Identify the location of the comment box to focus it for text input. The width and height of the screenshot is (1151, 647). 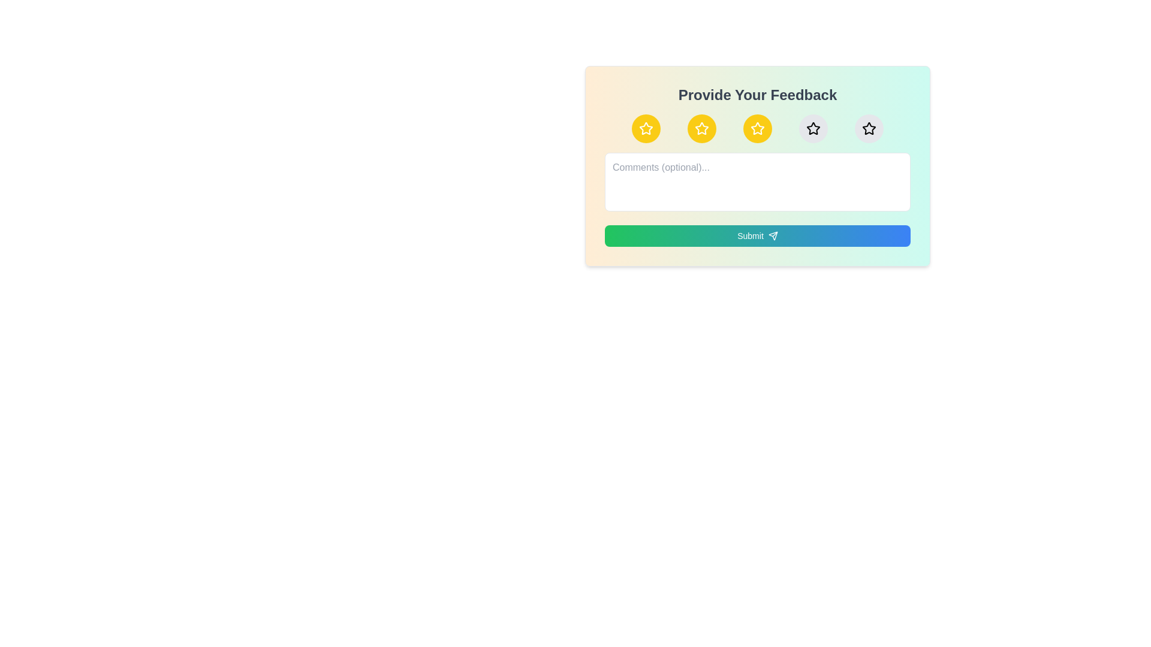
(757, 182).